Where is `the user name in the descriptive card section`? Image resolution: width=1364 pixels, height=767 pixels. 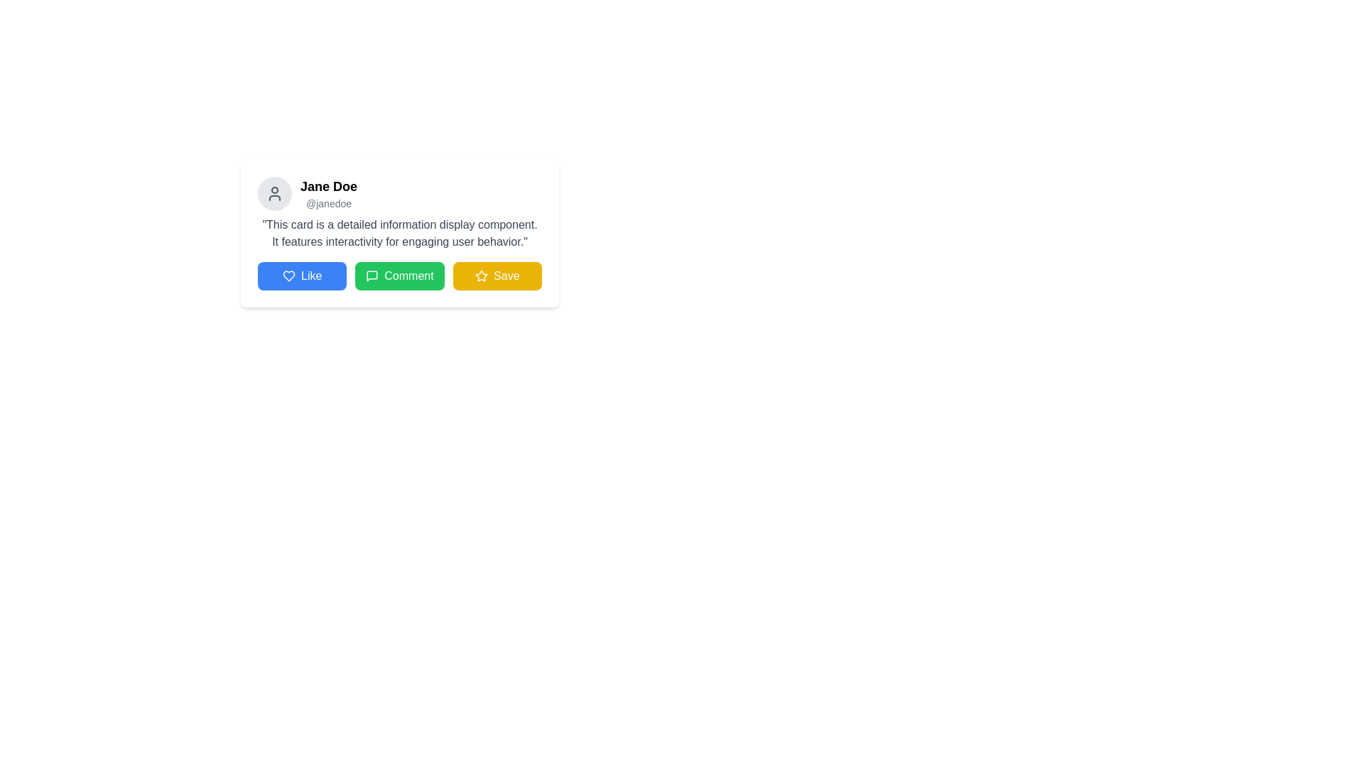 the user name in the descriptive card section is located at coordinates (399, 213).